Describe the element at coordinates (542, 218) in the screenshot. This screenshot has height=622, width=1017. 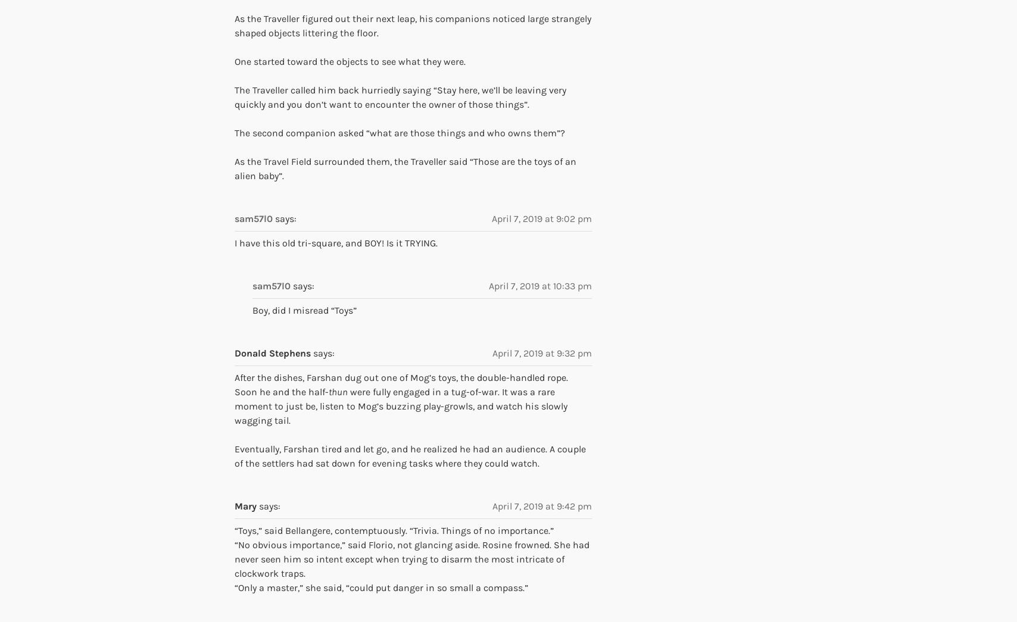
I see `'April 7, 2019 at 9:02 pm'` at that location.